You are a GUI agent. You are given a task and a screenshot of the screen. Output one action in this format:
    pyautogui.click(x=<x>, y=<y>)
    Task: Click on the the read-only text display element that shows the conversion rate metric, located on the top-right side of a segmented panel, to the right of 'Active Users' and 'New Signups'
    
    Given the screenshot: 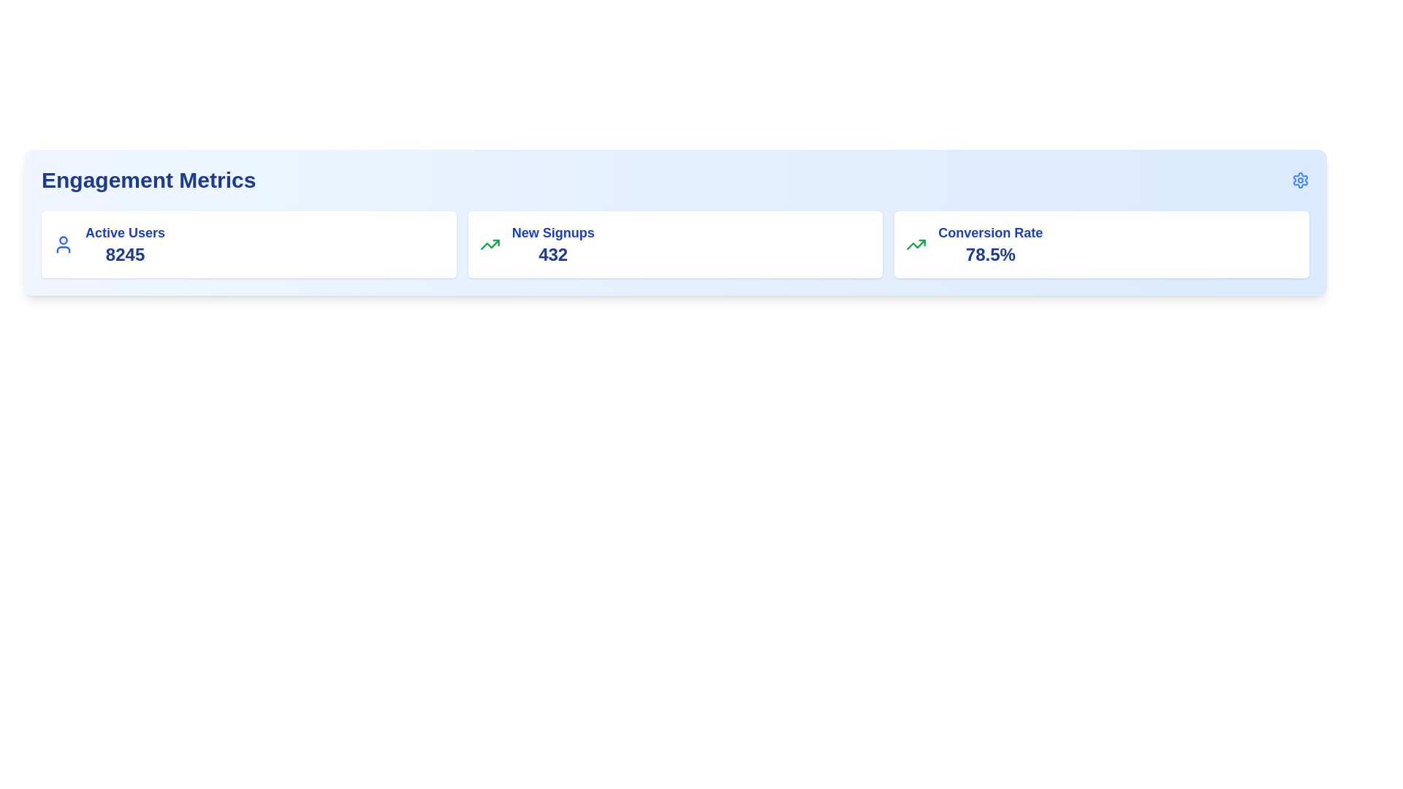 What is the action you would take?
    pyautogui.click(x=990, y=244)
    